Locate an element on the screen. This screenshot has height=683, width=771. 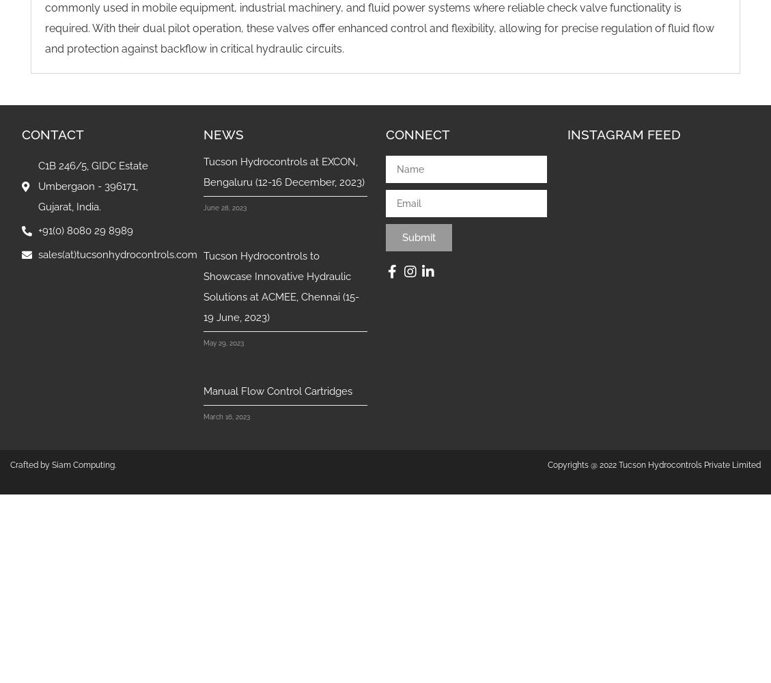
'June 28, 2023' is located at coordinates (225, 208).